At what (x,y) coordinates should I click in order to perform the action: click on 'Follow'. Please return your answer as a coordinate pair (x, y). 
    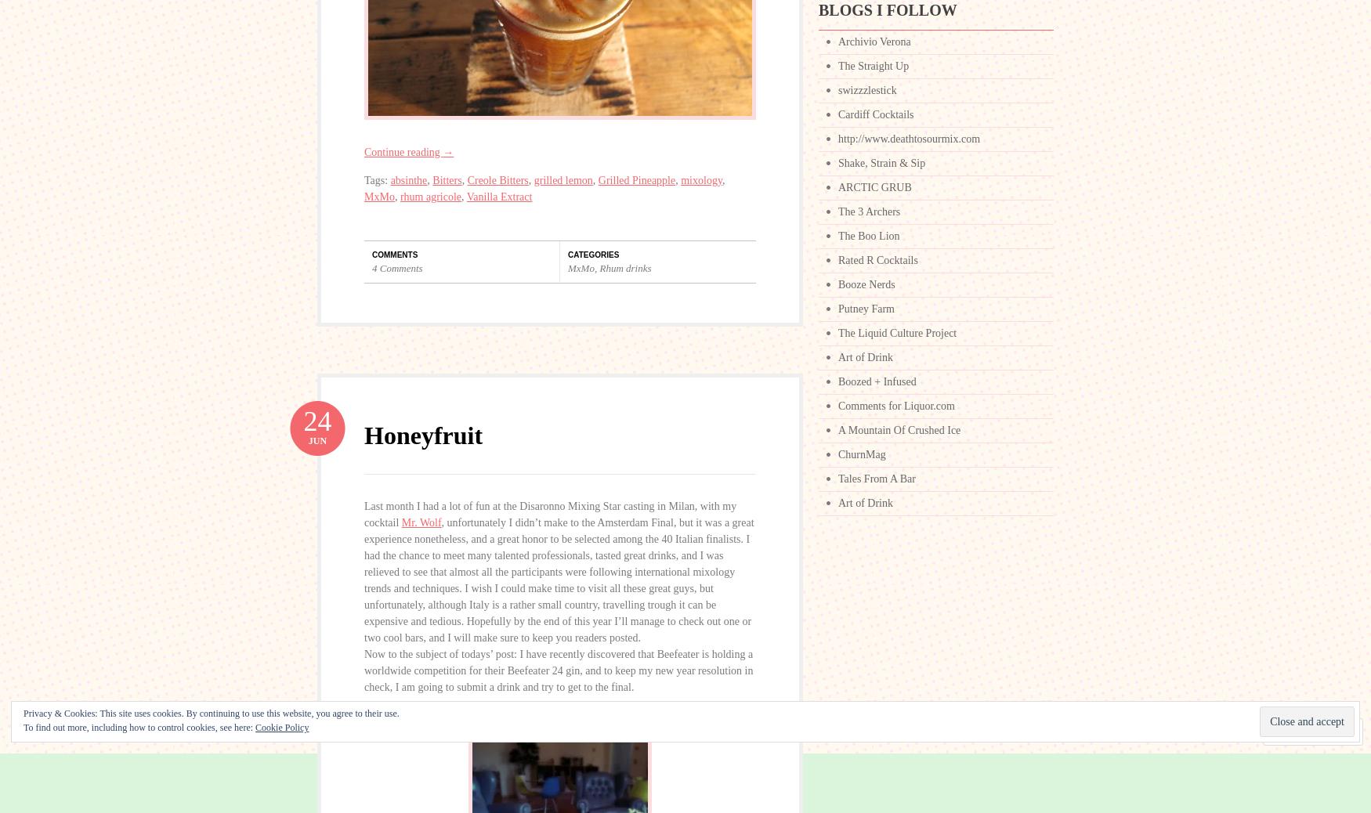
    Looking at the image, I should click on (1292, 732).